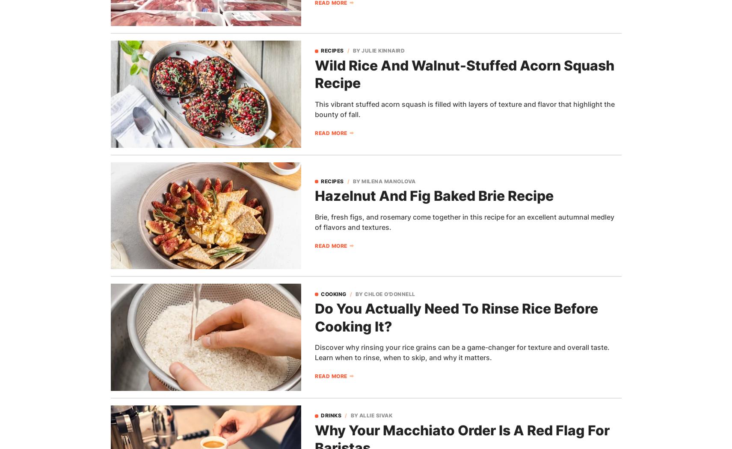  Describe the element at coordinates (364, 293) in the screenshot. I see `'Chloe O'Donnell'` at that location.